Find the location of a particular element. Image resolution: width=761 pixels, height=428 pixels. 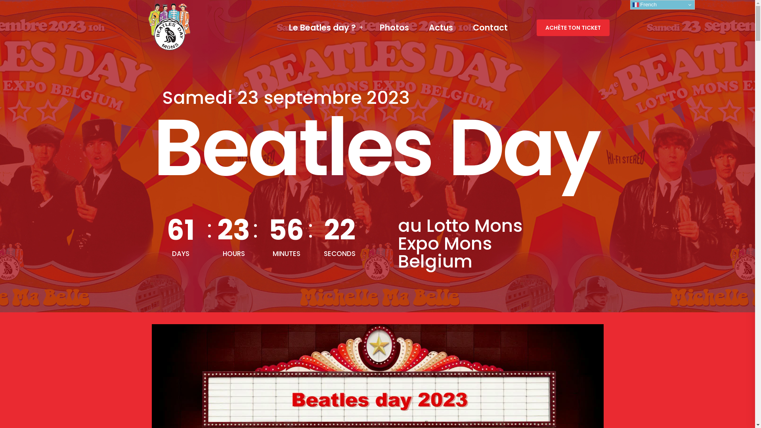

'Photos' is located at coordinates (394, 27).